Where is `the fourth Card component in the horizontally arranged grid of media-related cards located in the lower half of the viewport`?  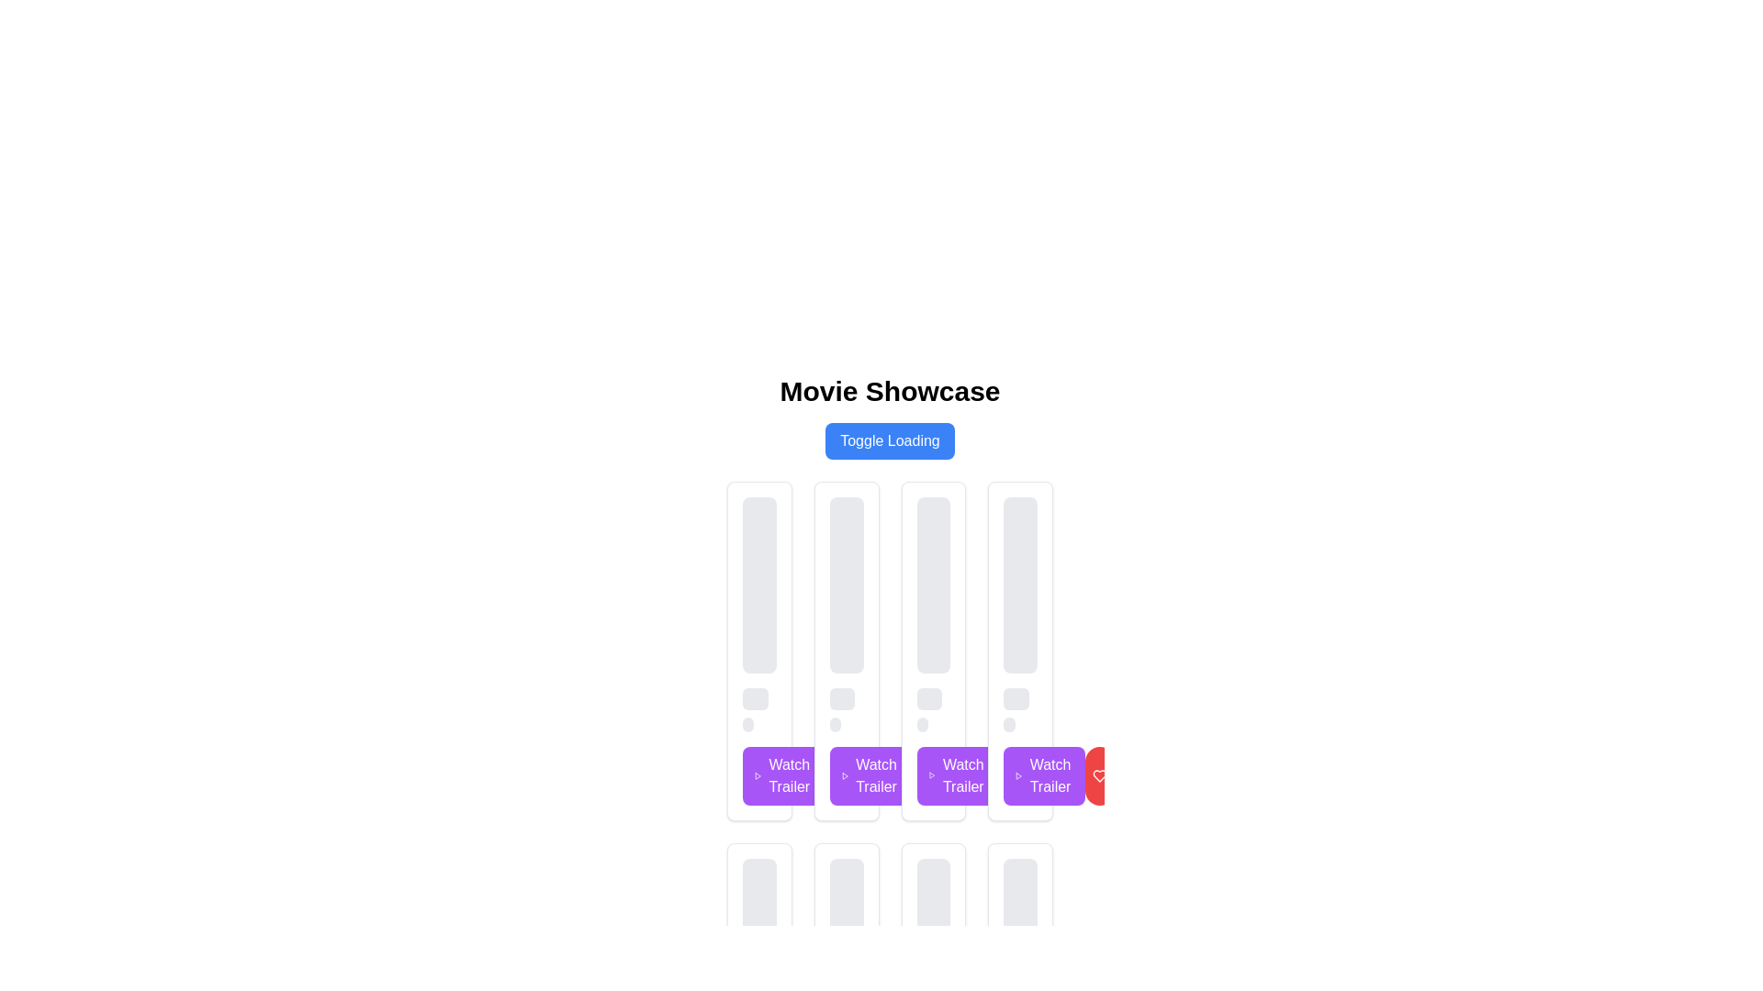 the fourth Card component in the horizontally arranged grid of media-related cards located in the lower half of the viewport is located at coordinates (1019, 650).